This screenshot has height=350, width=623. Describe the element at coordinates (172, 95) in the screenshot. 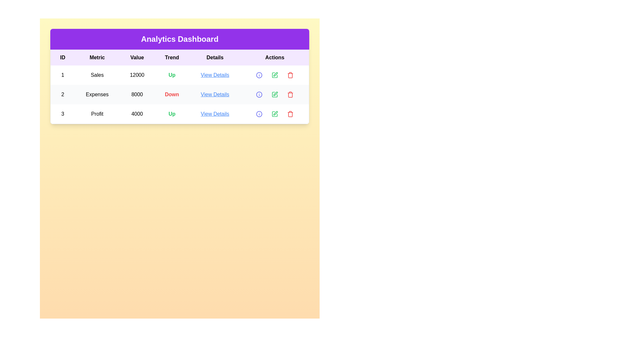

I see `the 'Down' text label in the 'Trend' column of the second row in the 'Expenses' category table` at that location.